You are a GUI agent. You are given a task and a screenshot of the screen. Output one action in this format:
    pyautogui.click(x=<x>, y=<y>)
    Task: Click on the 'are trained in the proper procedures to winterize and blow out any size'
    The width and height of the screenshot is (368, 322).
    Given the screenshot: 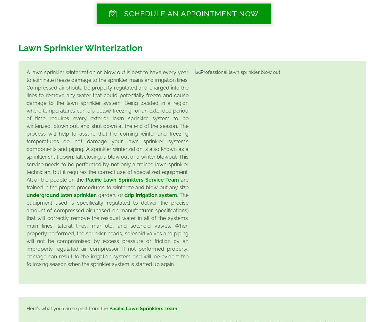 What is the action you would take?
    pyautogui.click(x=107, y=183)
    